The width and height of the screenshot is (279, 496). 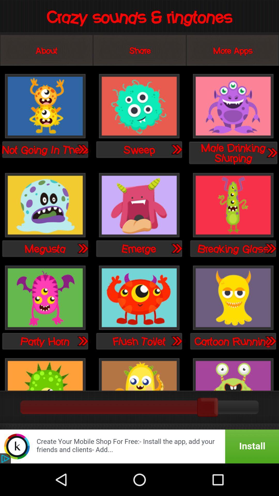 What do you see at coordinates (176, 149) in the screenshot?
I see `forward option` at bounding box center [176, 149].